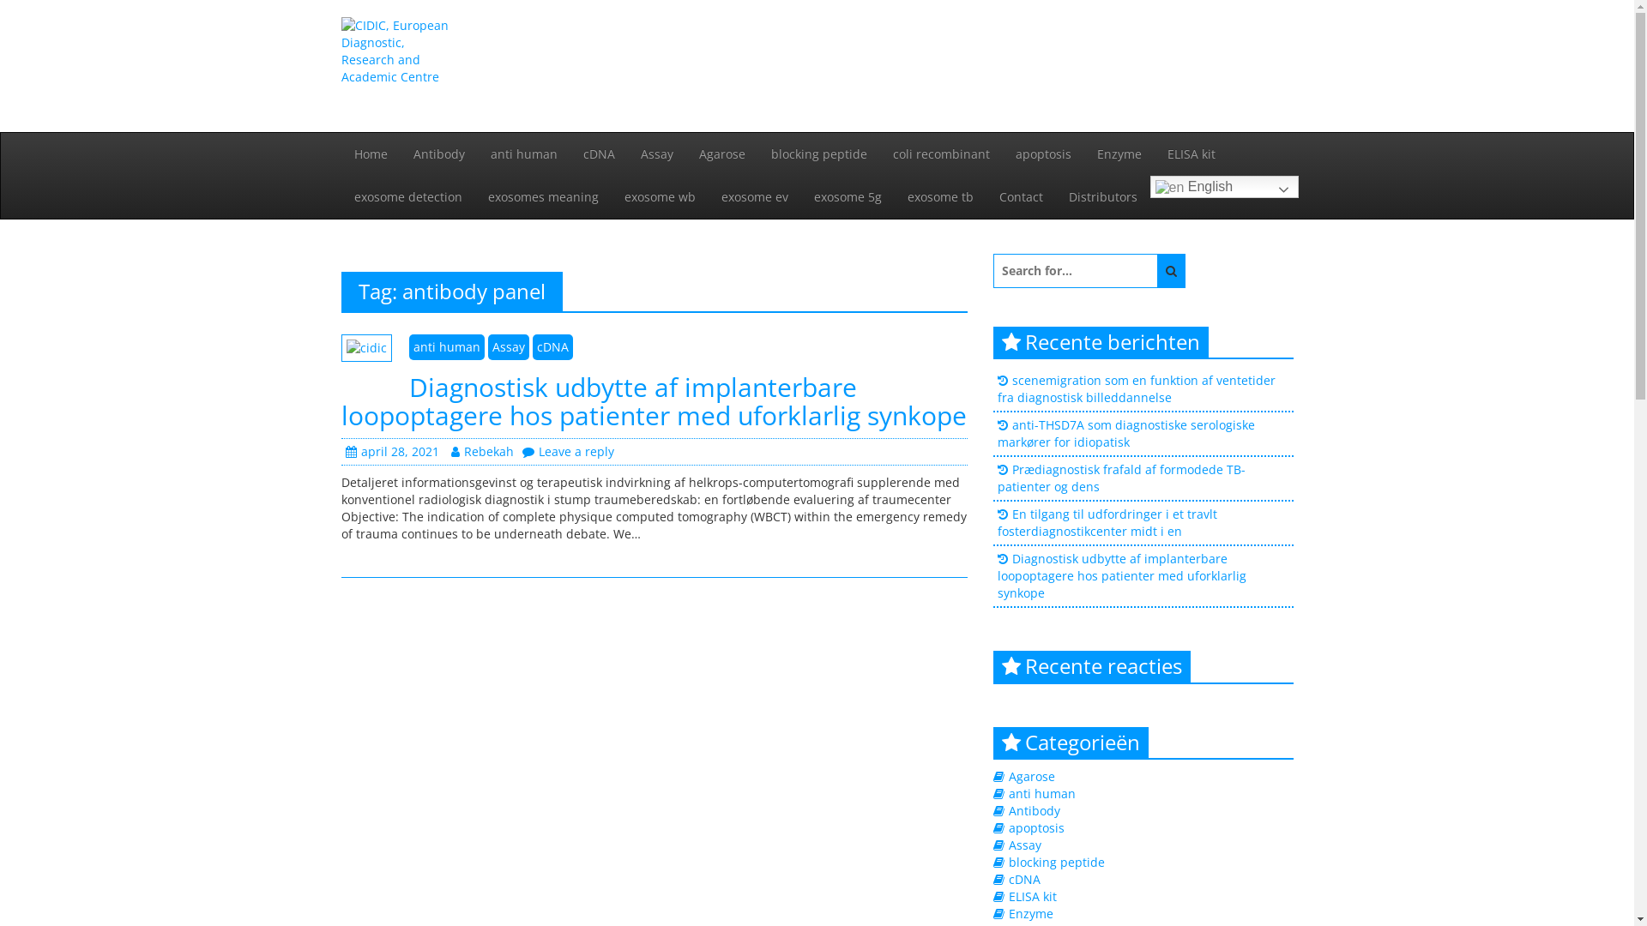 The width and height of the screenshot is (1647, 926). What do you see at coordinates (992, 270) in the screenshot?
I see `'Search for:'` at bounding box center [992, 270].